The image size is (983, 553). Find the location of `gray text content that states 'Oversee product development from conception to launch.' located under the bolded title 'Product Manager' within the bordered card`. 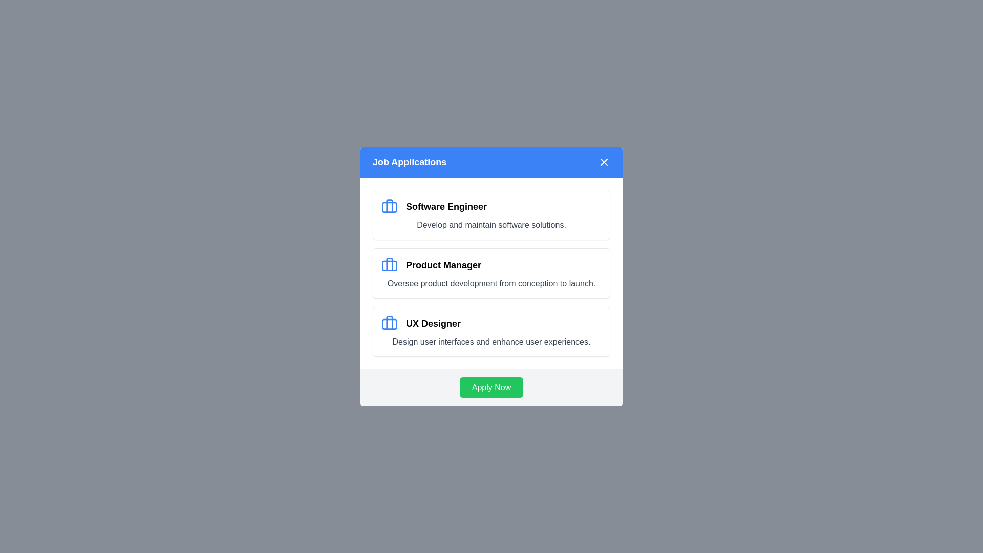

gray text content that states 'Oversee product development from conception to launch.' located under the bolded title 'Product Manager' within the bordered card is located at coordinates (491, 284).